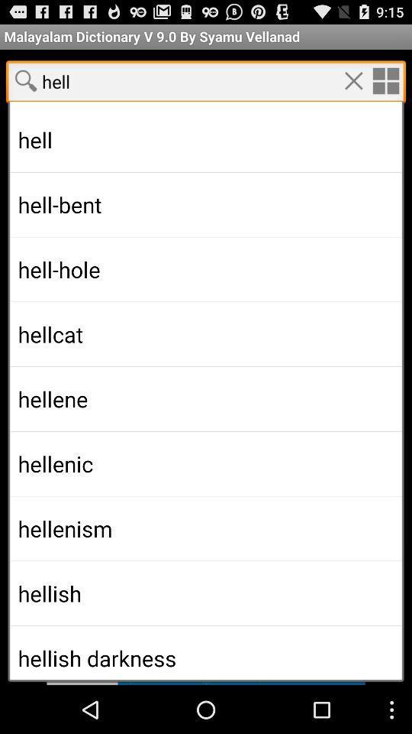 The width and height of the screenshot is (412, 734). What do you see at coordinates (25, 80) in the screenshot?
I see `search the word` at bounding box center [25, 80].